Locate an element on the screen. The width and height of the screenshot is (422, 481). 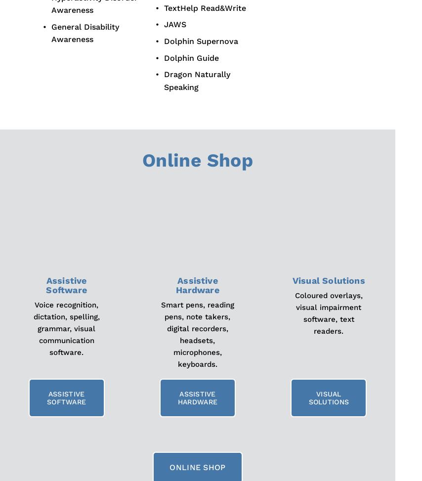
'ONLINE SHOP' is located at coordinates (197, 467).